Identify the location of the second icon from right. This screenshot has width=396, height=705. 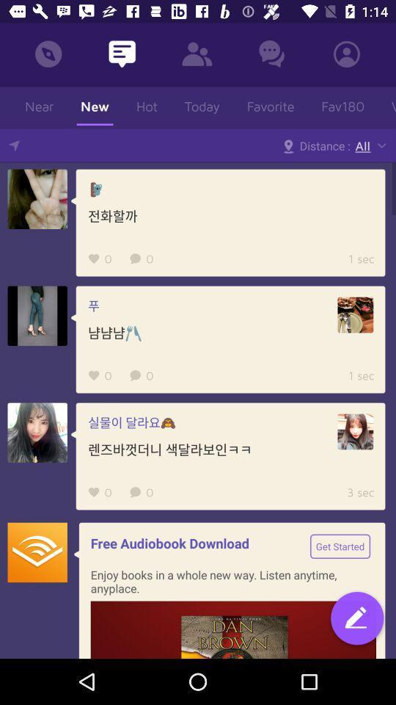
(271, 54).